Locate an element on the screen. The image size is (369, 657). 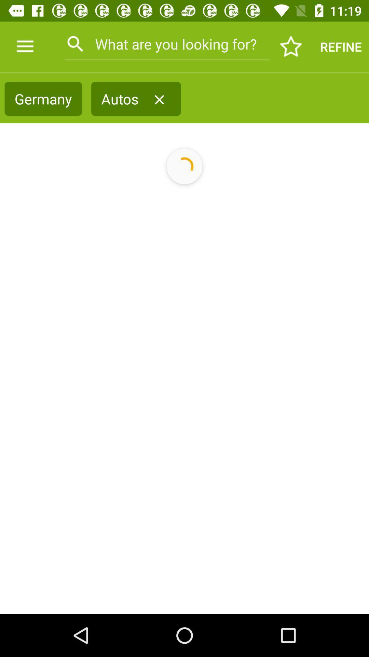
item next to the autos is located at coordinates (159, 99).